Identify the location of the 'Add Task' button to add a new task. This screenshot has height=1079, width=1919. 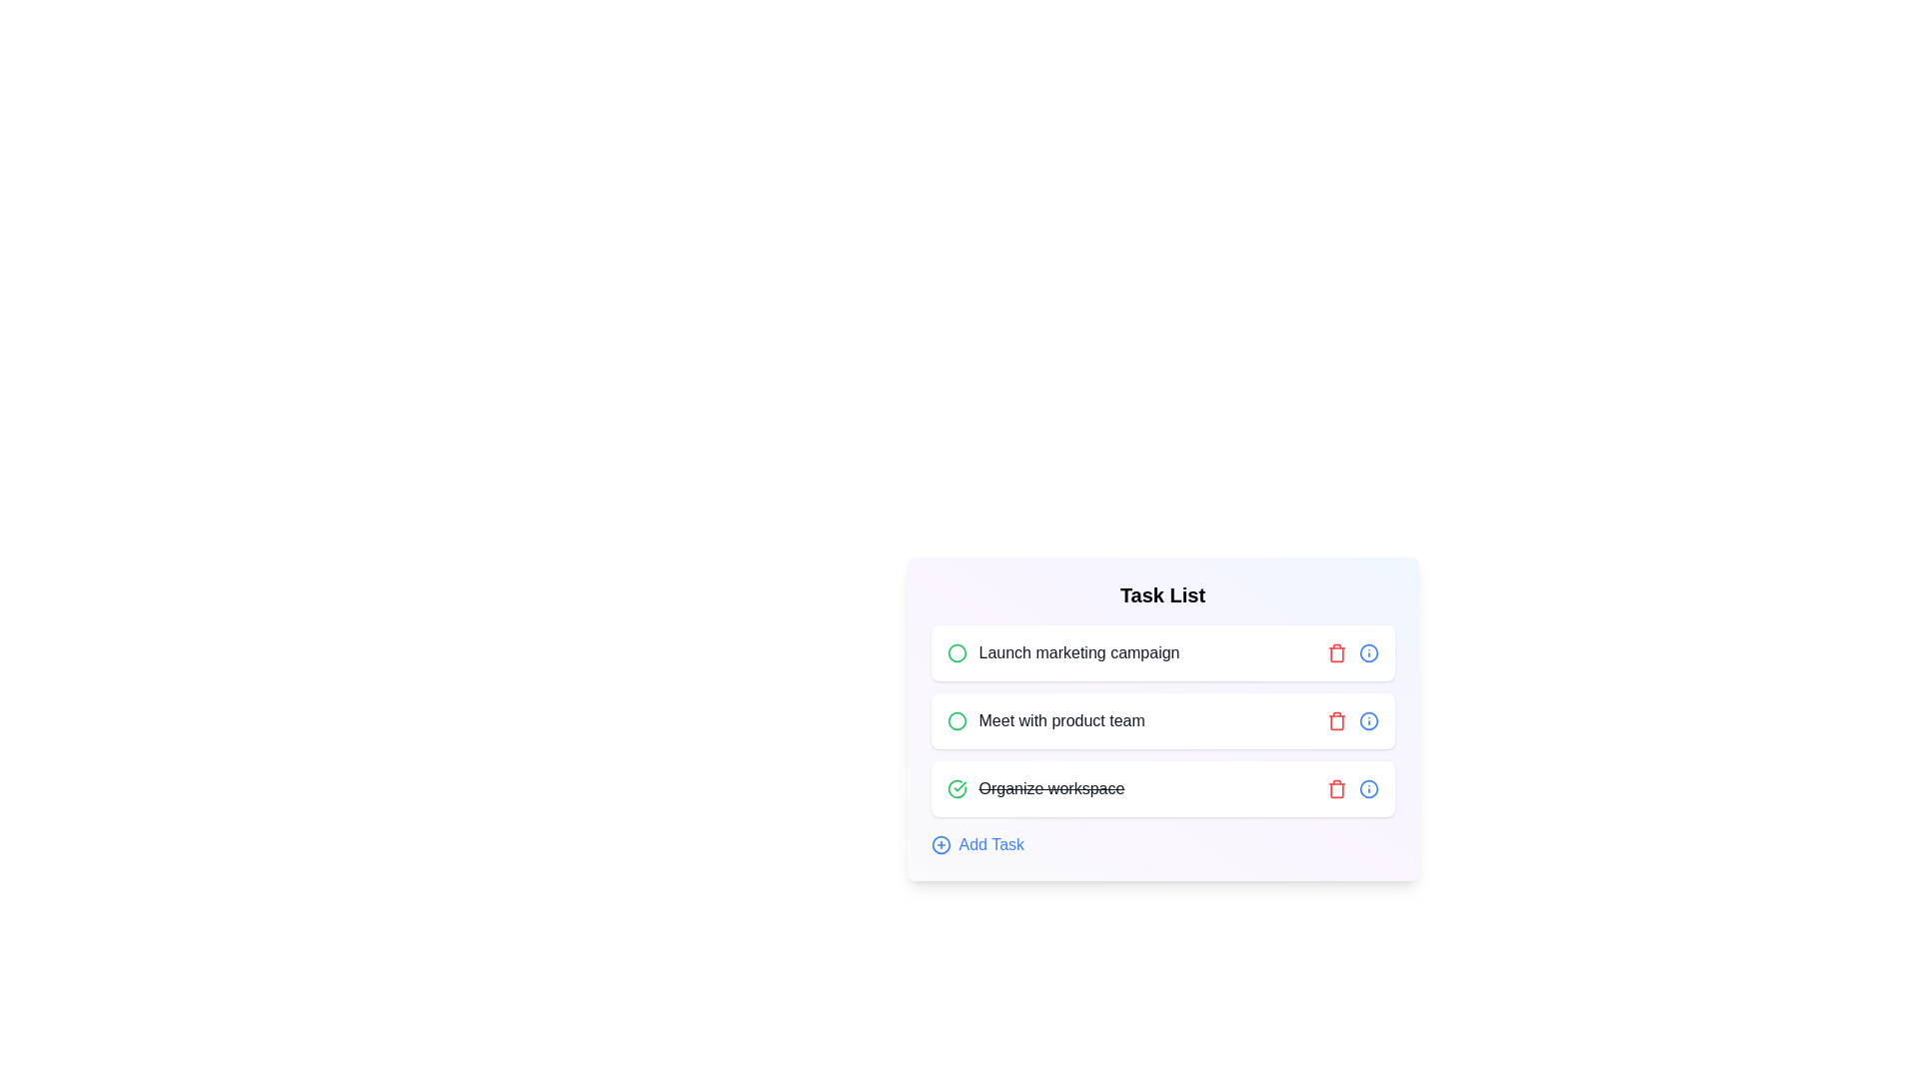
(977, 844).